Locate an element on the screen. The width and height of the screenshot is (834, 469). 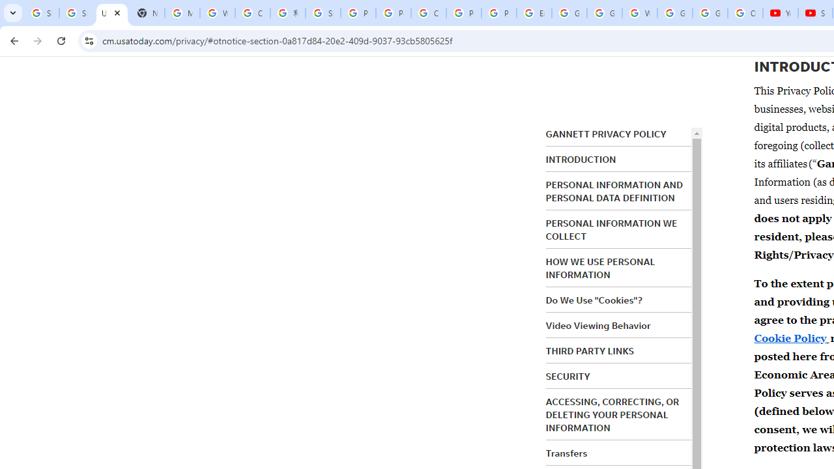
'PERSONAL INFORMATION AND PERSONAL DATA DEFINITION' is located at coordinates (614, 192).